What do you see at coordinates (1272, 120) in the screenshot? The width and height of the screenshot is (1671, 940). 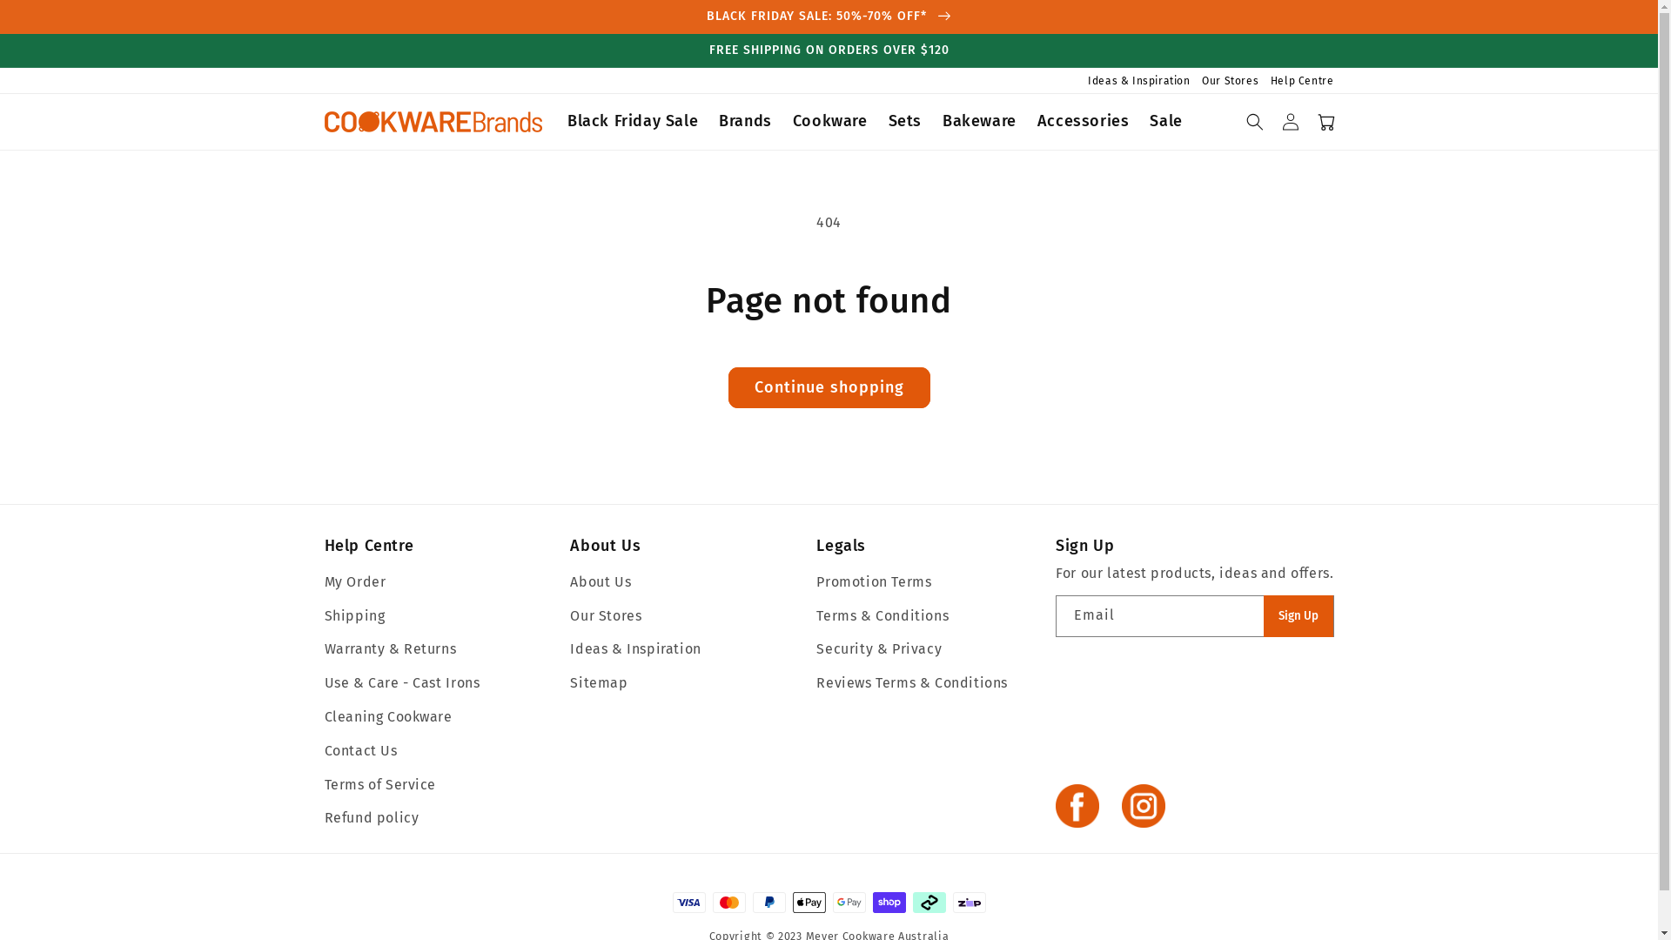 I see `'Log in'` at bounding box center [1272, 120].